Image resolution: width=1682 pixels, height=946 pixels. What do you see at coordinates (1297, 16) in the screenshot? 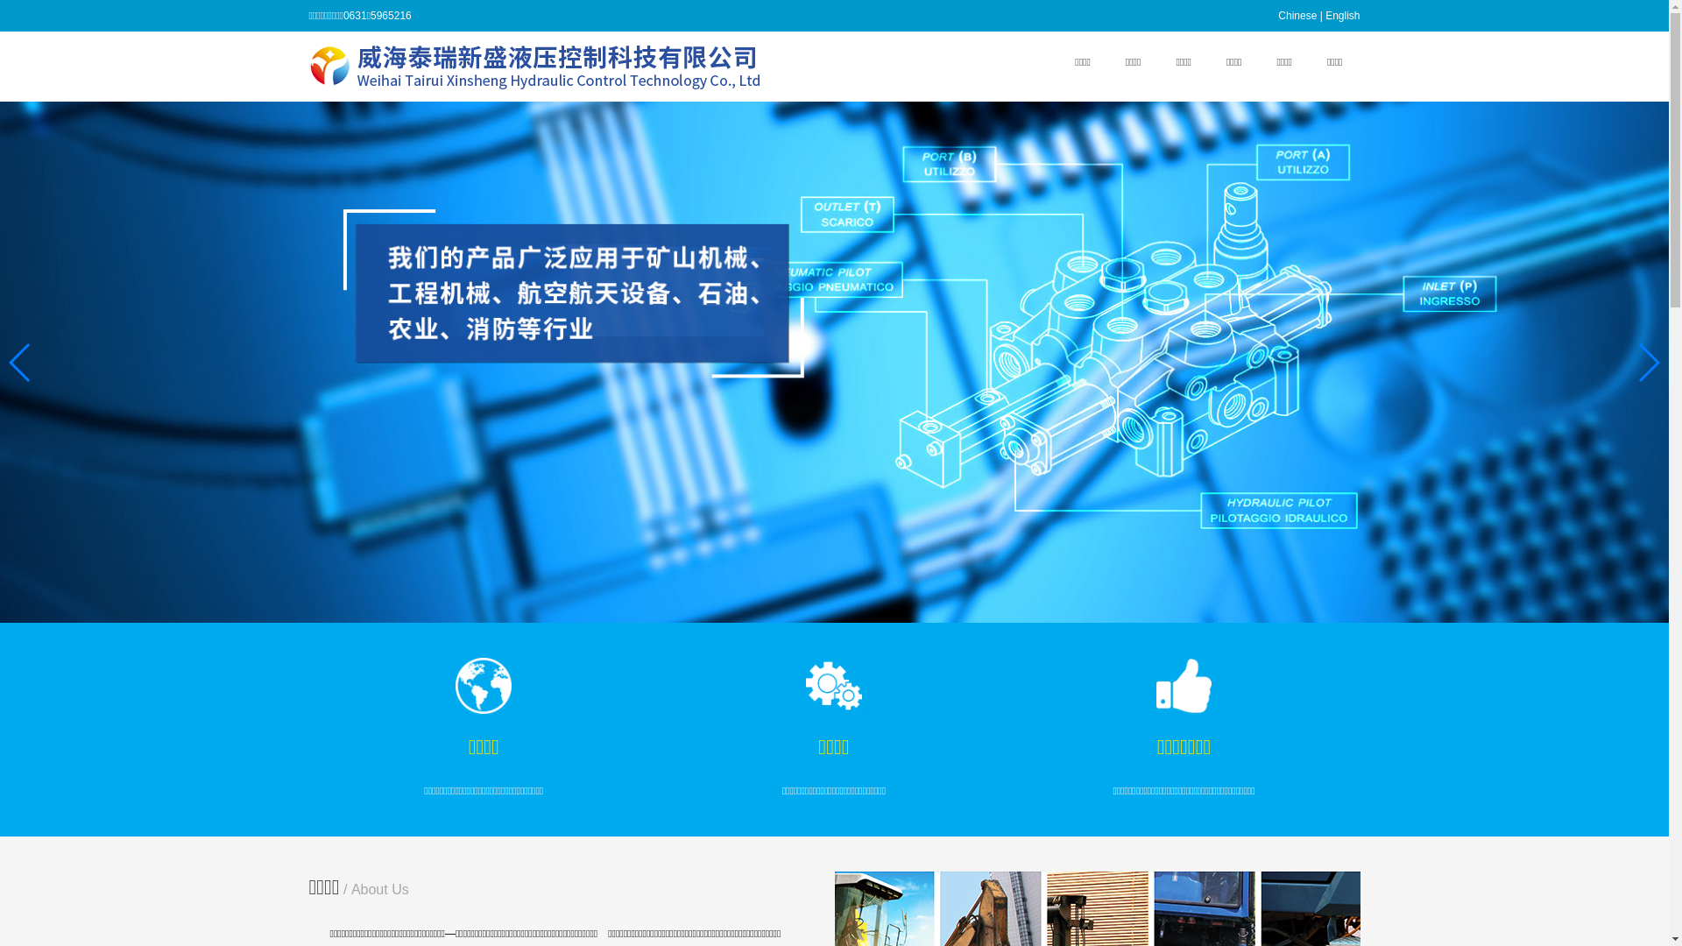
I see `'Chinese'` at bounding box center [1297, 16].